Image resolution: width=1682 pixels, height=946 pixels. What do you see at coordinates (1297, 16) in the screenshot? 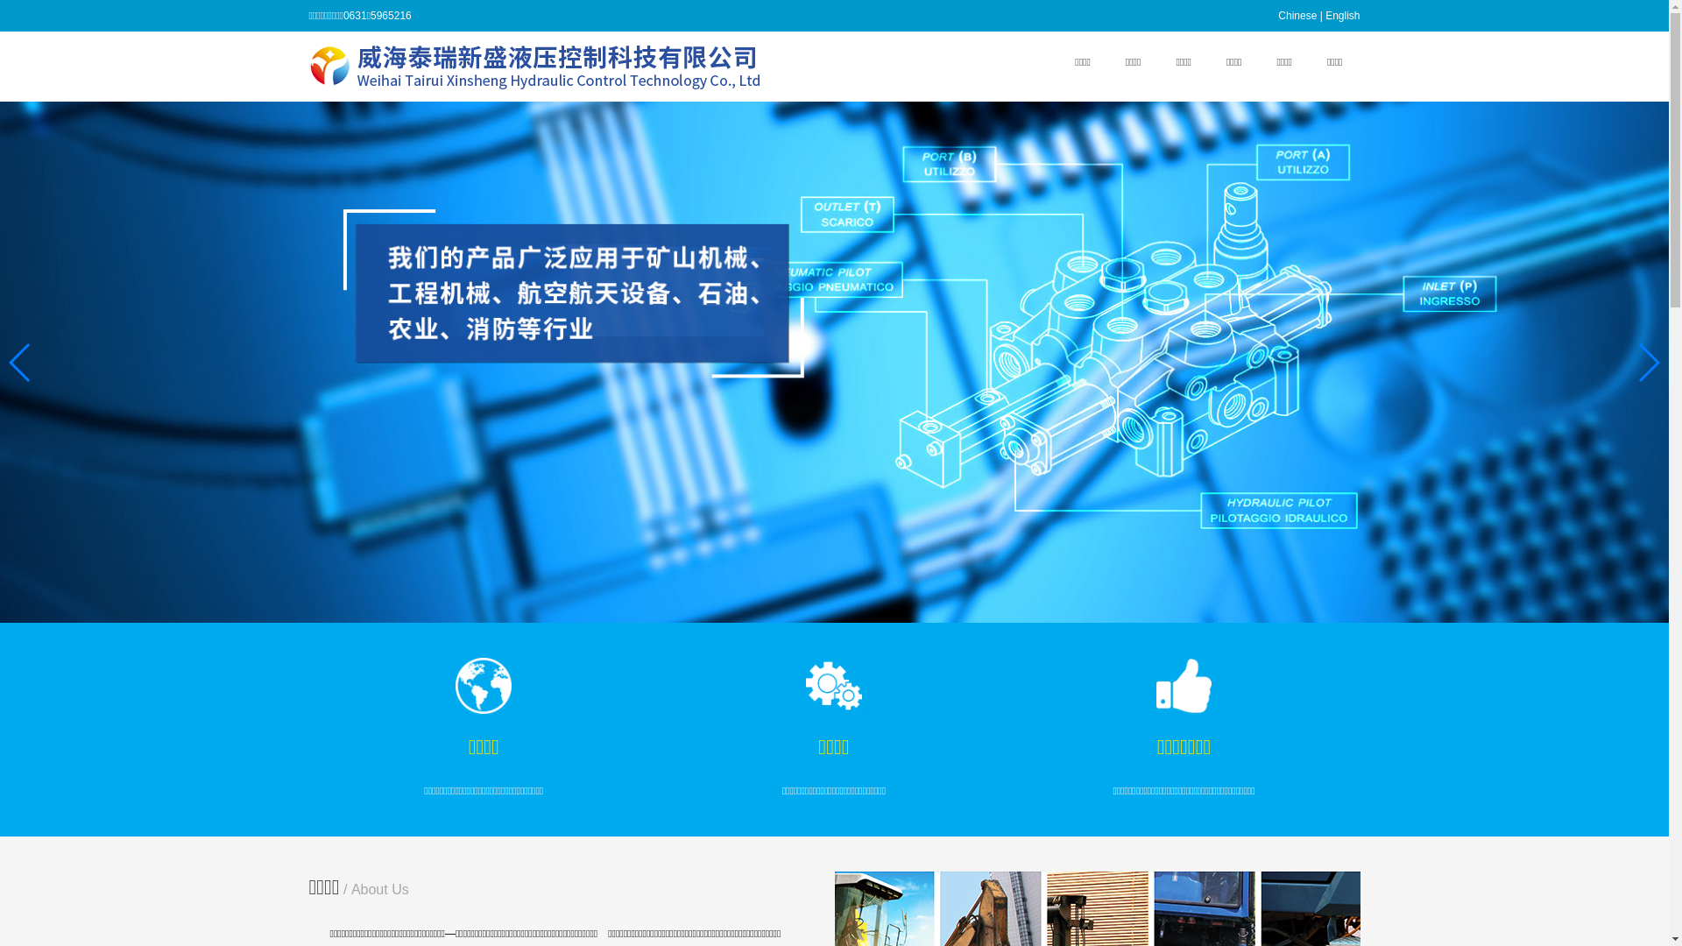
I see `'Chinese'` at bounding box center [1297, 16].